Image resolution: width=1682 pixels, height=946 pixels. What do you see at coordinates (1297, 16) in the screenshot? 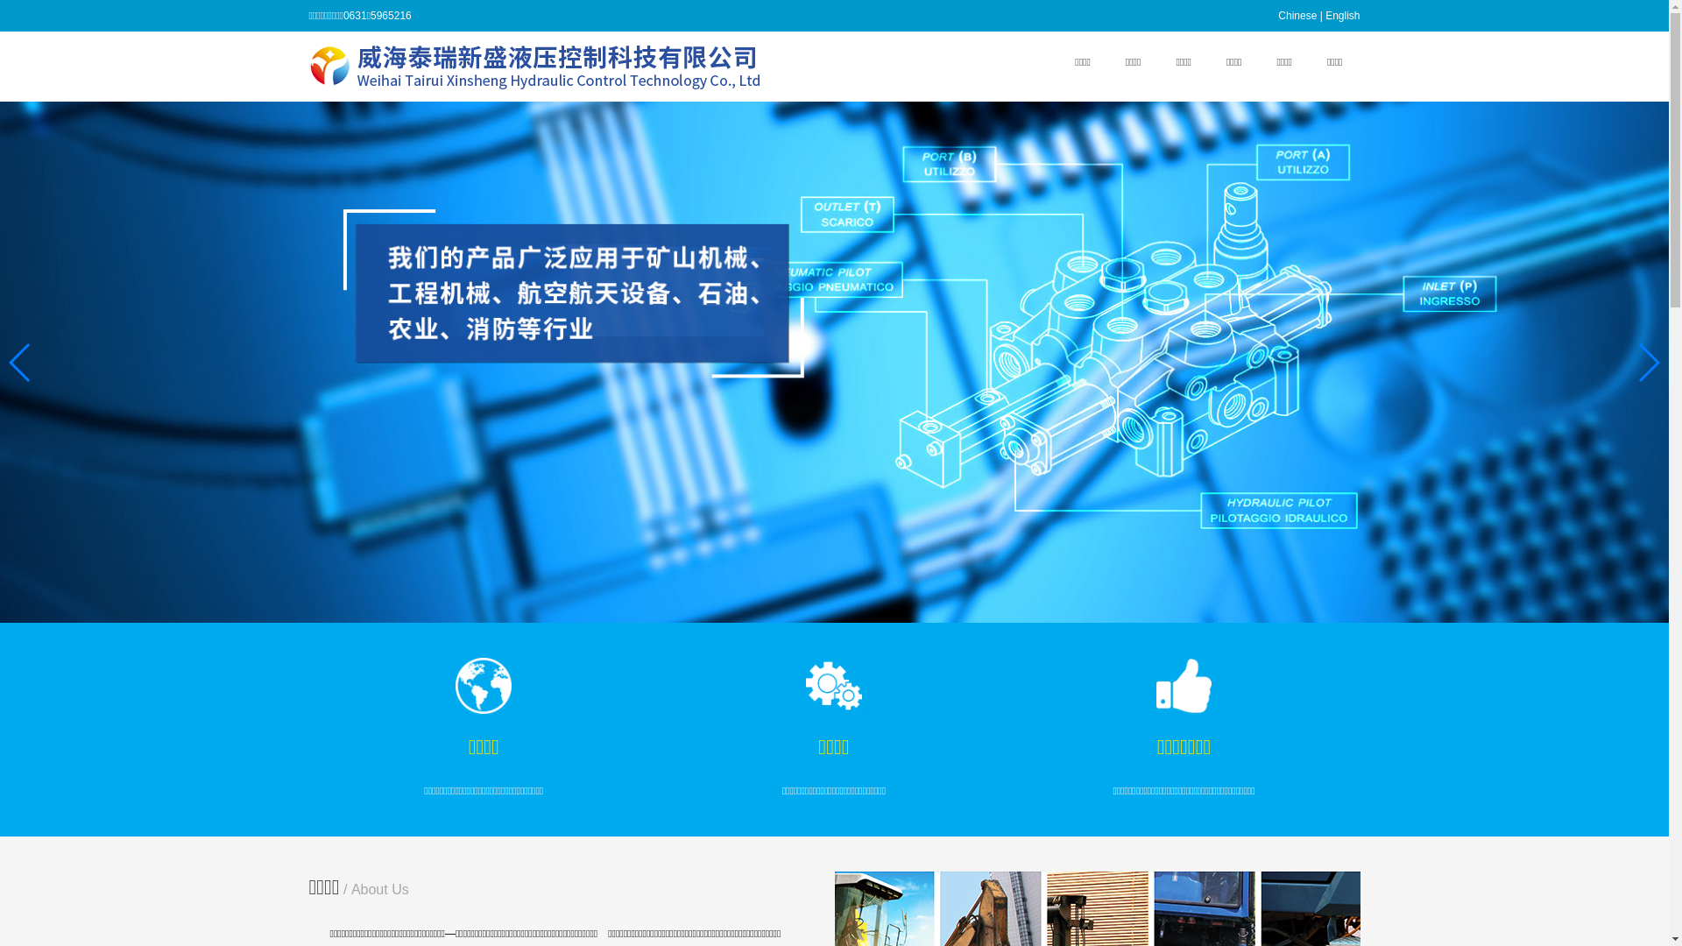
I see `'Chinese'` at bounding box center [1297, 16].